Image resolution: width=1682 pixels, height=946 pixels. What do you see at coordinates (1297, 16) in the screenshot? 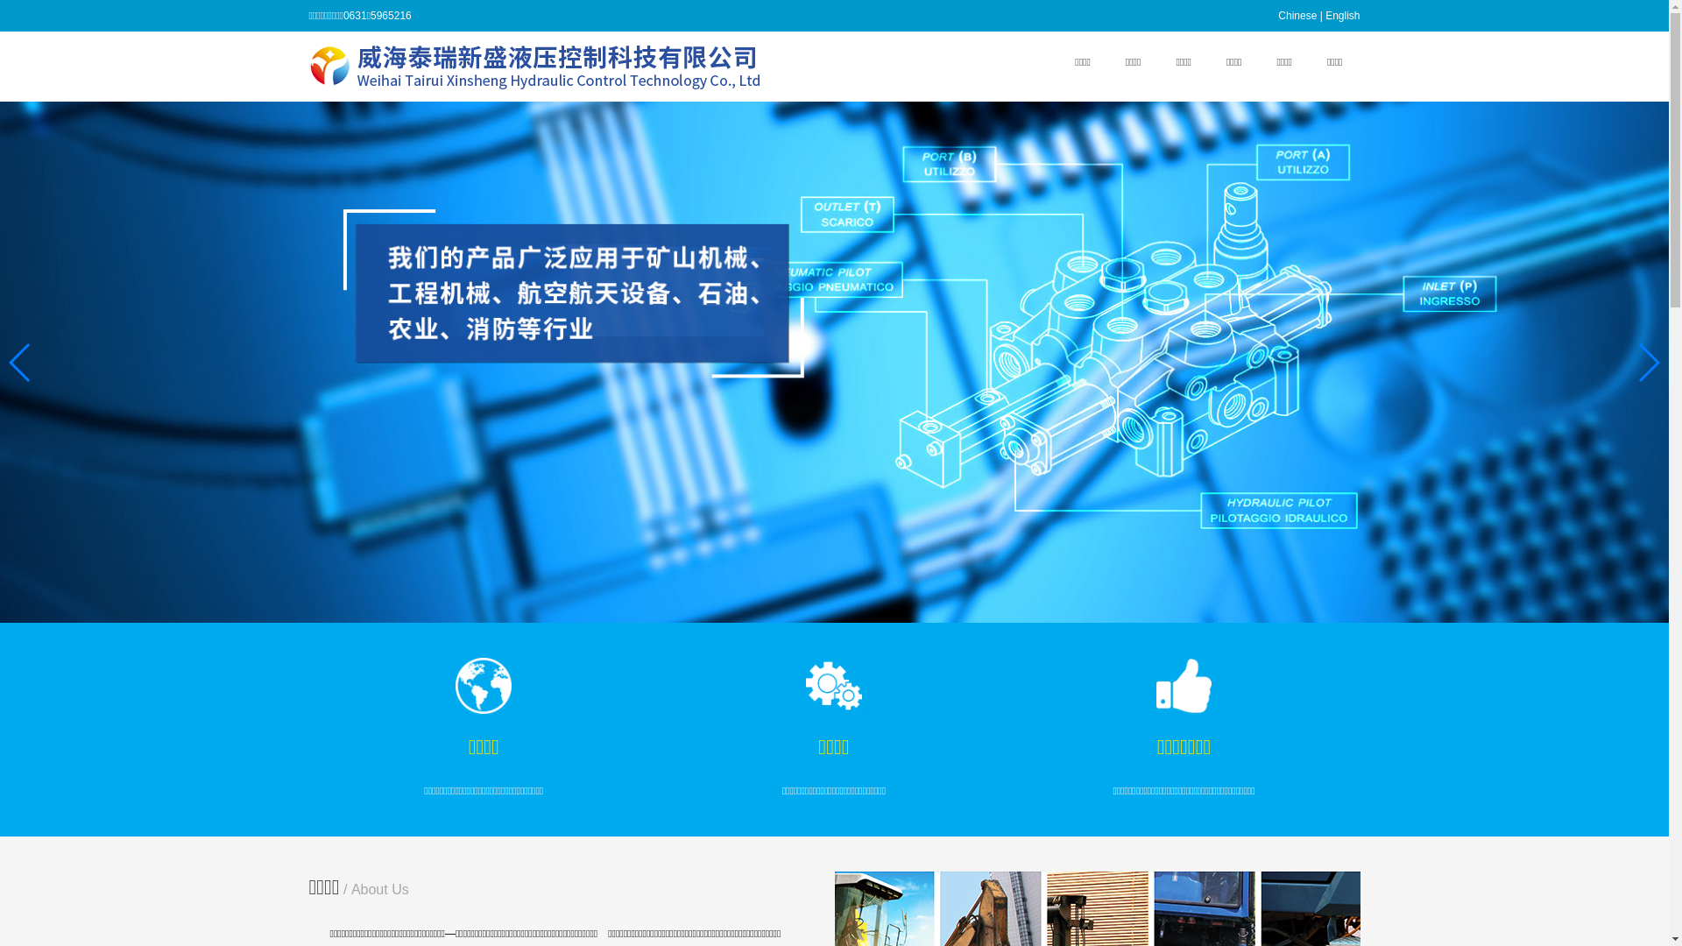
I see `'Chinese'` at bounding box center [1297, 16].